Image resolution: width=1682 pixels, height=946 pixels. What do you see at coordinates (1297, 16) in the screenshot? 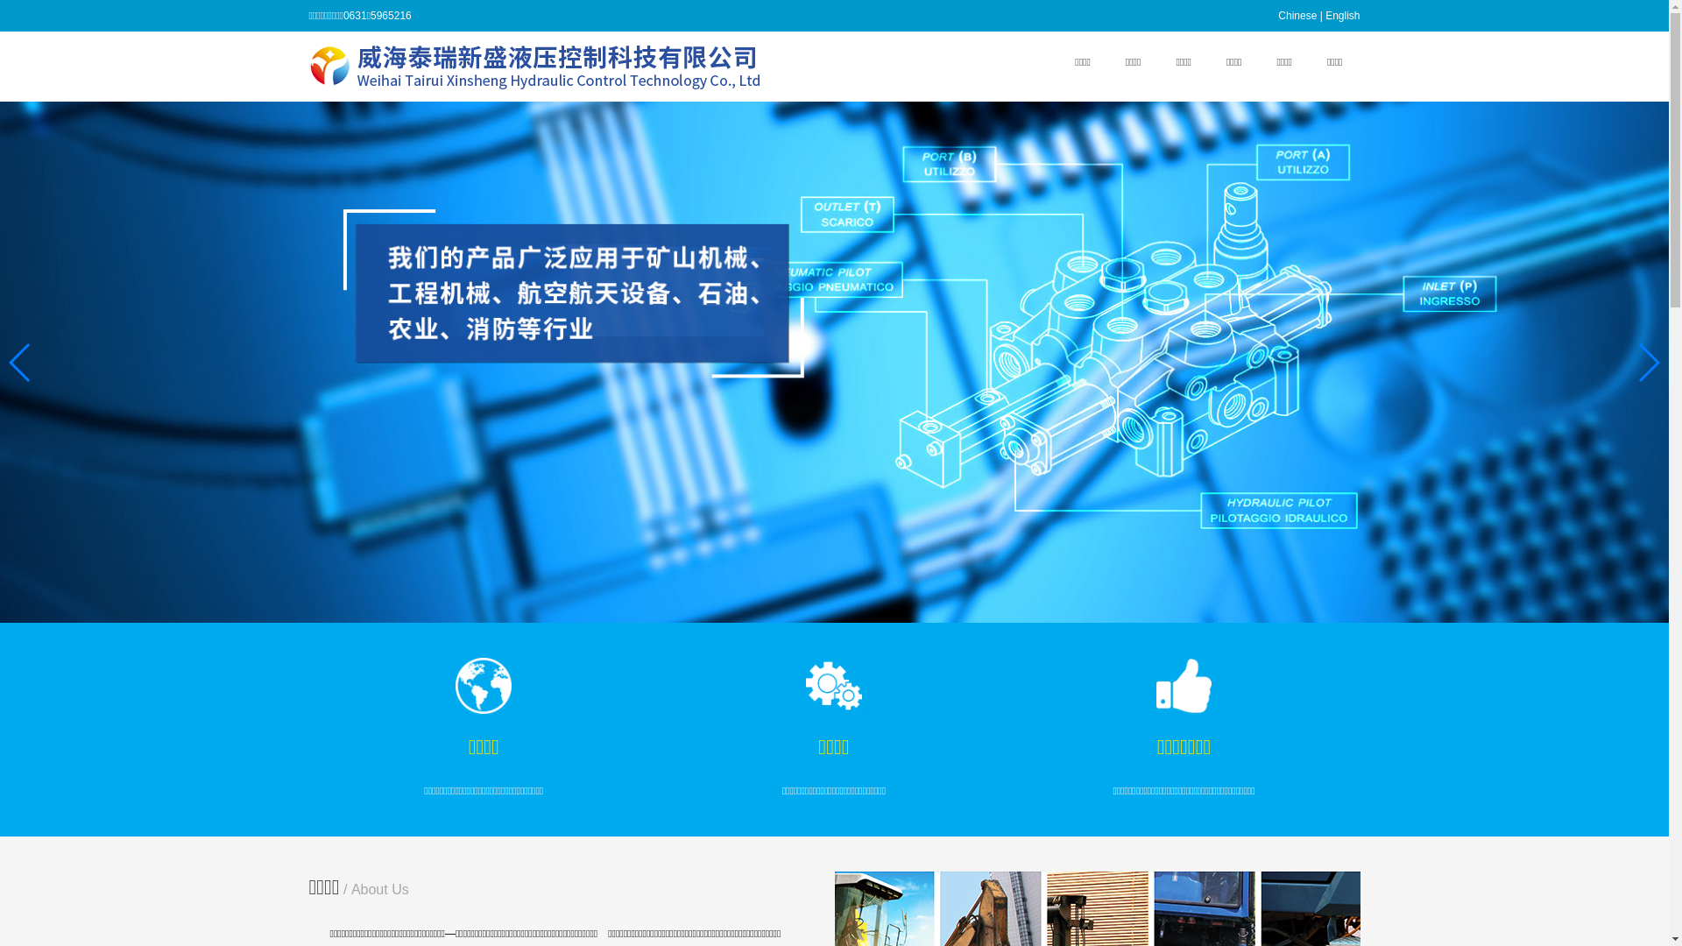
I see `'Chinese'` at bounding box center [1297, 16].